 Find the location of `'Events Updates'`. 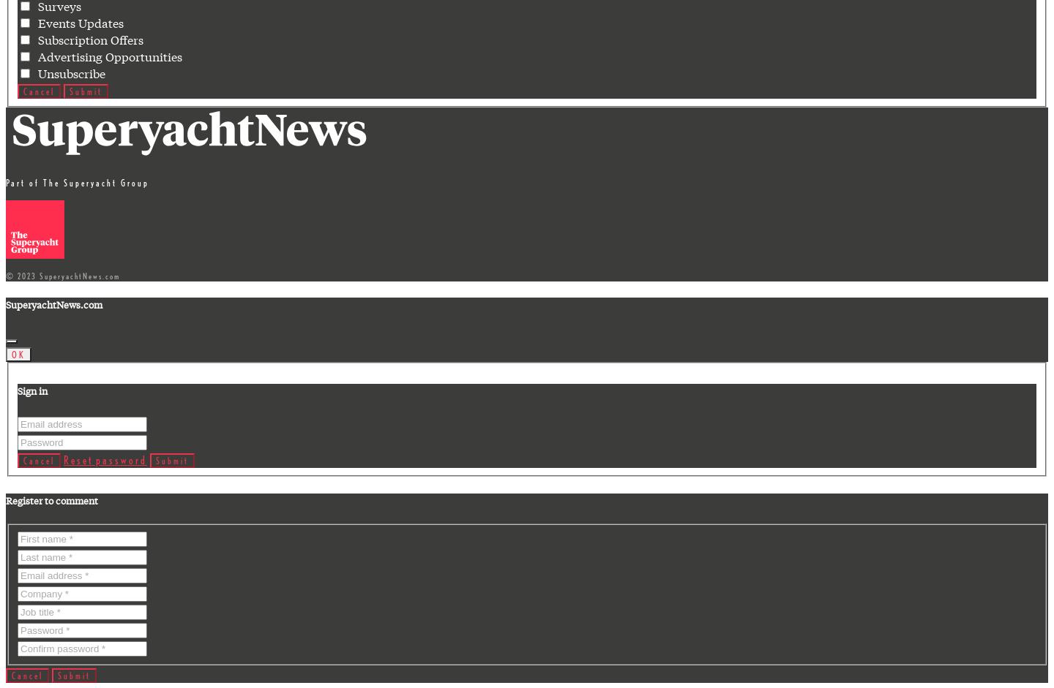

'Events Updates' is located at coordinates (78, 22).